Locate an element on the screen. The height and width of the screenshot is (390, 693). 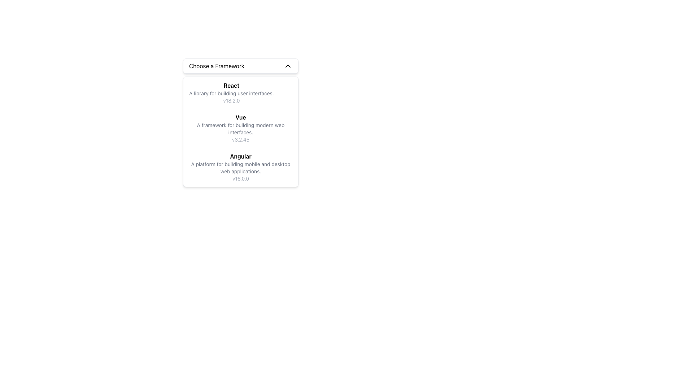
the text element that states 'A platform for building mobile and desktop web applications.' which is styled with a smaller font size and gray color, positioned below the title 'Angular' is located at coordinates (241, 168).